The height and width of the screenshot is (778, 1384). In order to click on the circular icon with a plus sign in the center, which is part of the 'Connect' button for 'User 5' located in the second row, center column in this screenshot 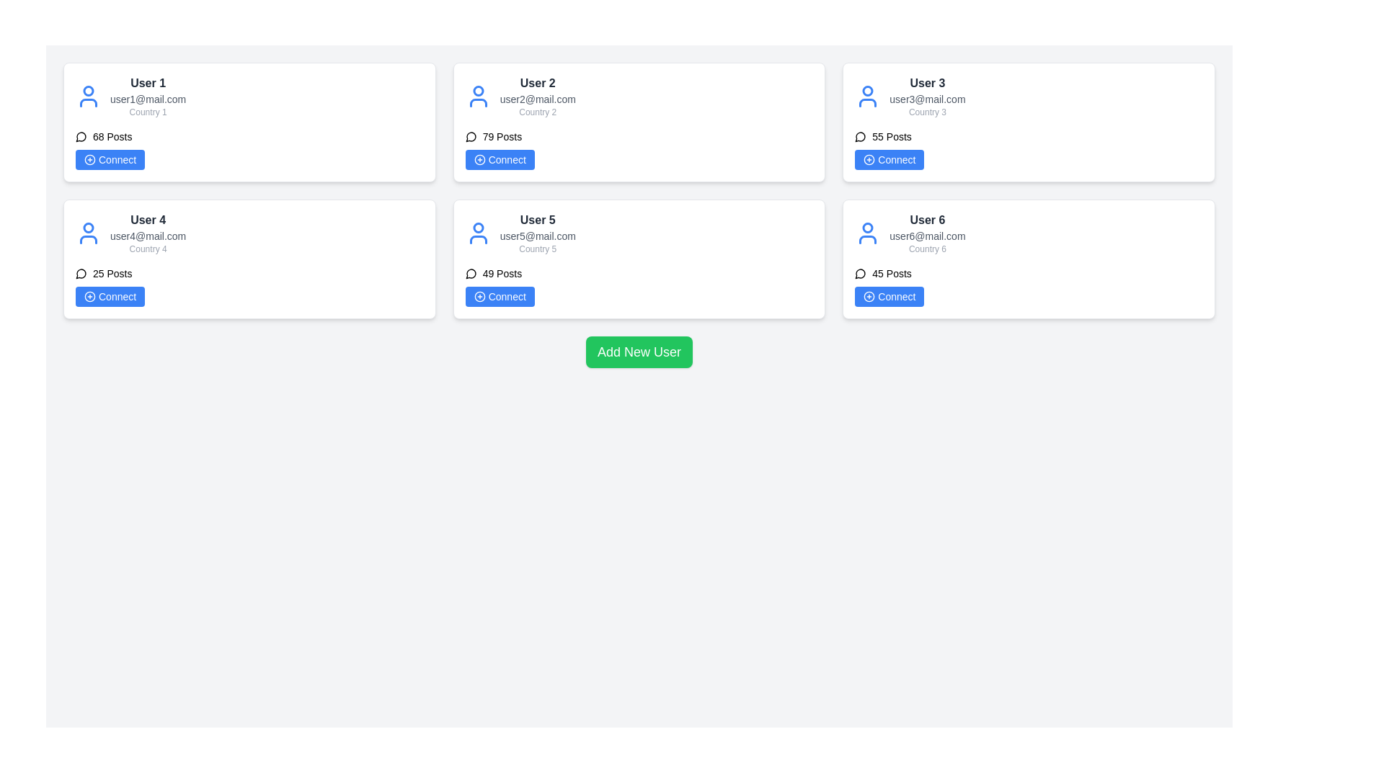, I will do `click(479, 296)`.